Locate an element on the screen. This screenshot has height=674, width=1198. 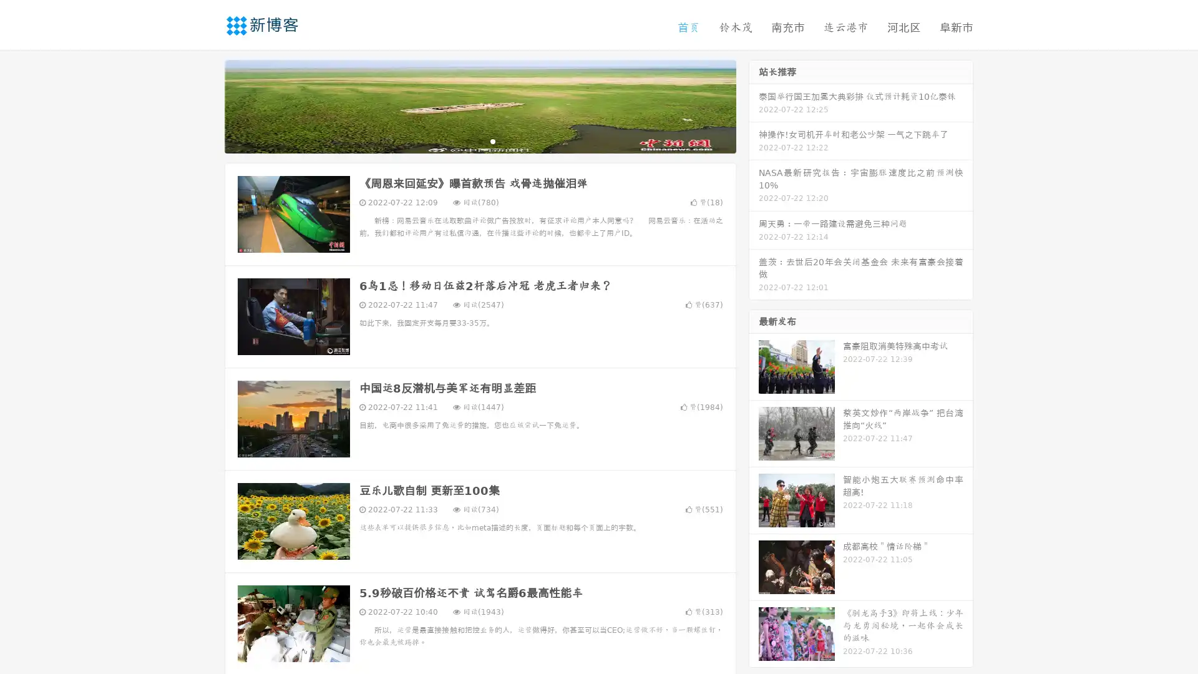
Go to slide 1 is located at coordinates (467, 140).